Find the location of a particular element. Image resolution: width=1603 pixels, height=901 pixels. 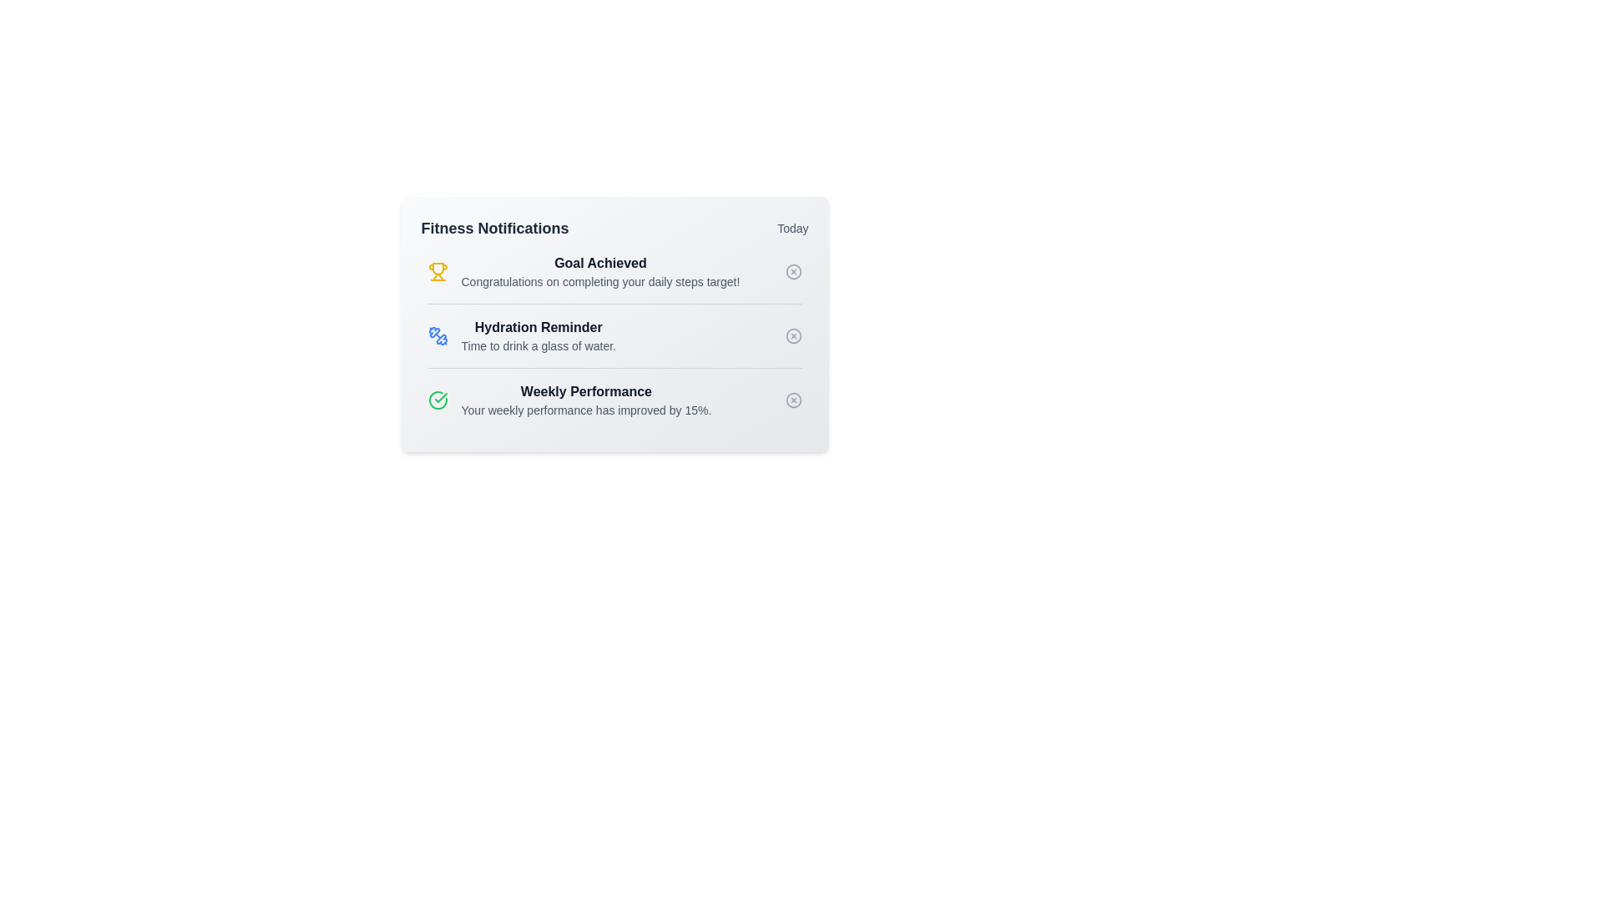

the congratulatory message that acknowledges the user for completing their daily steps target, which is located in the first notification block under 'Fitness Notifications', below the header 'Goal Achieved' is located at coordinates (600, 281).